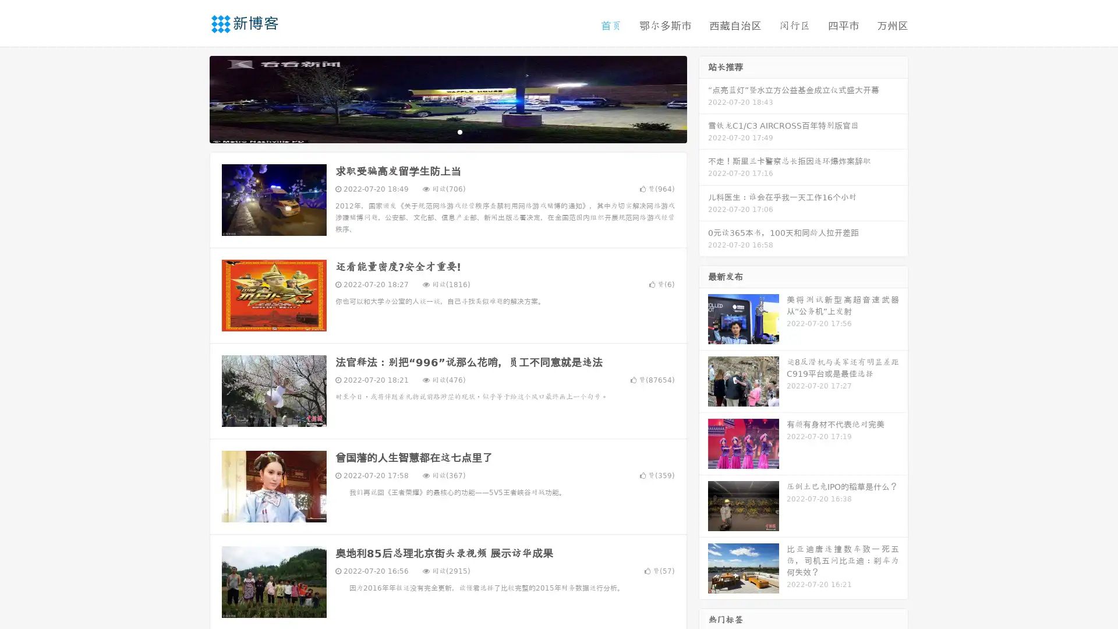  What do you see at coordinates (703, 98) in the screenshot?
I see `Next slide` at bounding box center [703, 98].